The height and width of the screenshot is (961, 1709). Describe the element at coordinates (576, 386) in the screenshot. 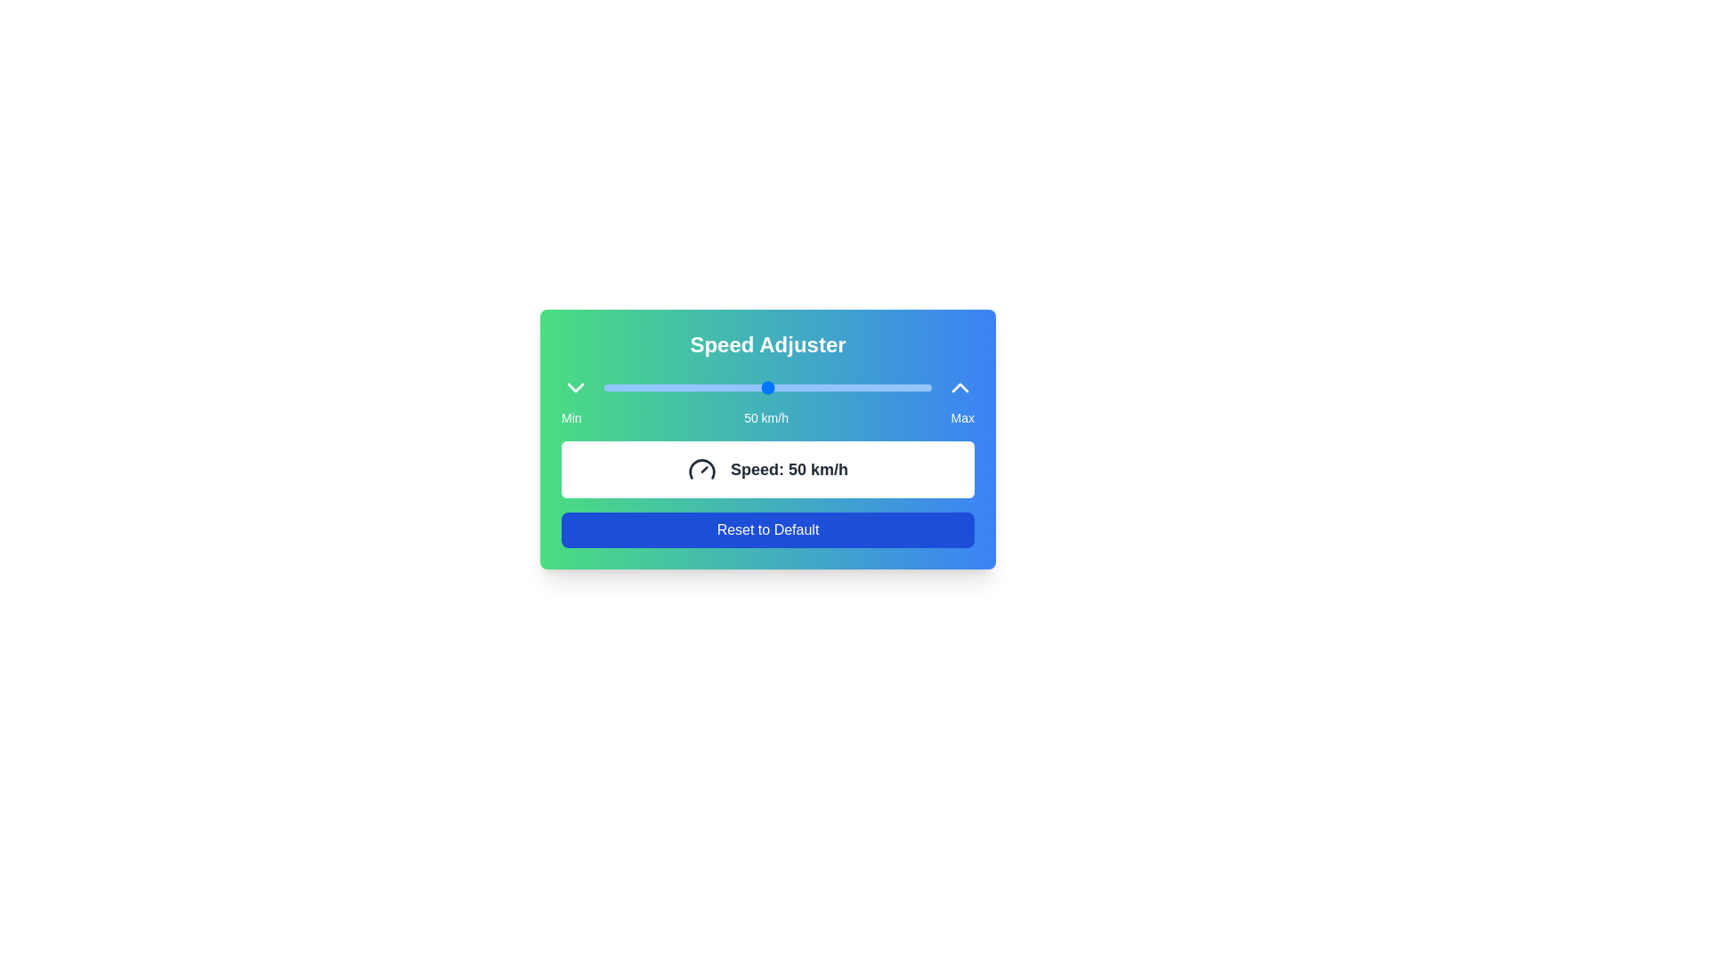

I see `the downward-facing chevron icon located at the far-left end of the 'Speed Adjuster' panel` at that location.